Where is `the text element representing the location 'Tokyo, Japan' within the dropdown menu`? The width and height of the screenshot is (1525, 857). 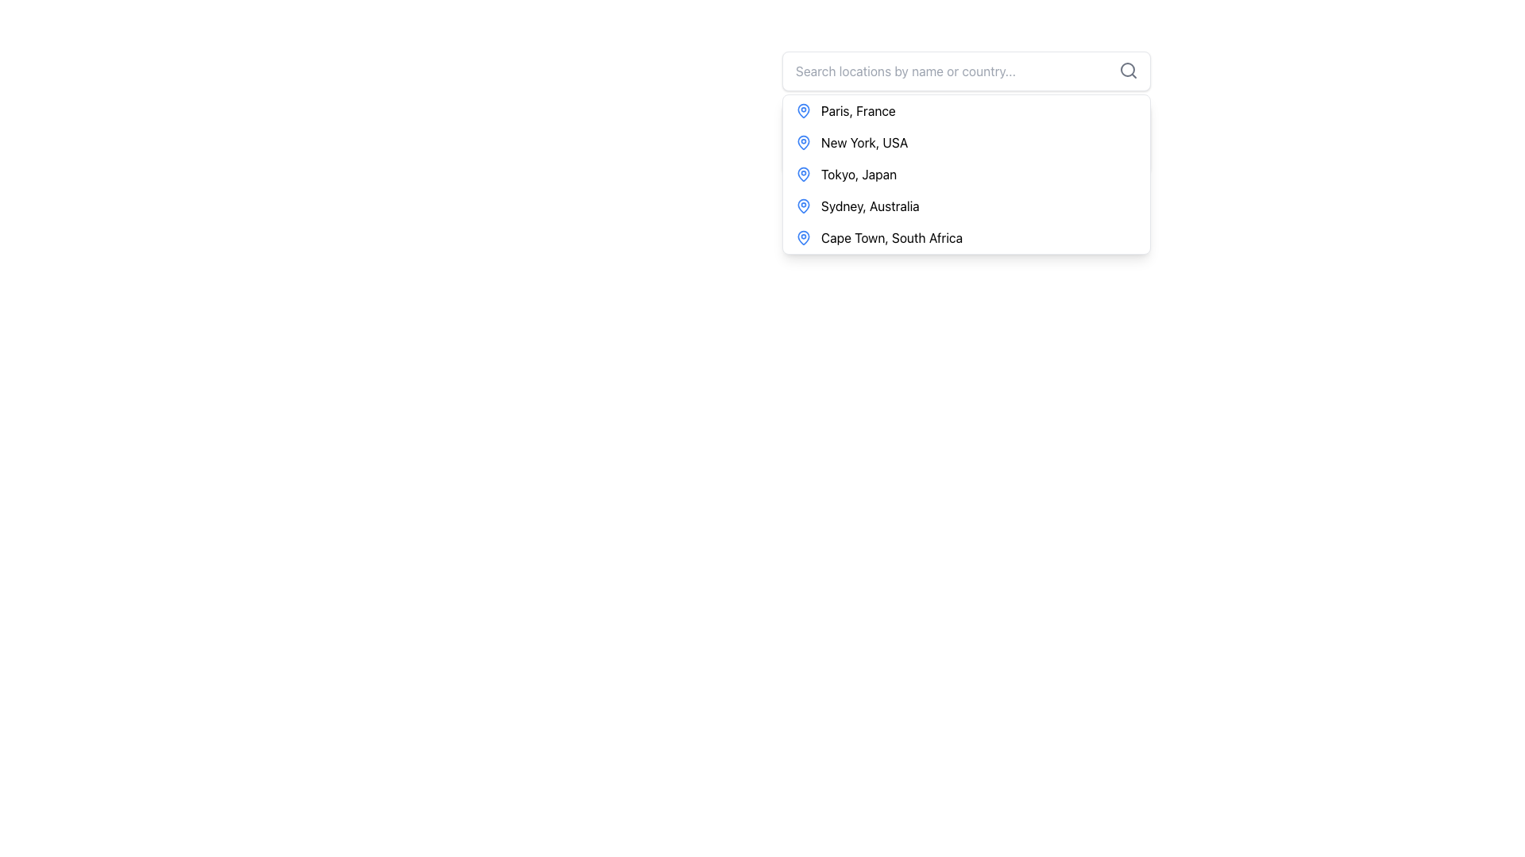 the text element representing the location 'Tokyo, Japan' within the dropdown menu is located at coordinates (858, 174).